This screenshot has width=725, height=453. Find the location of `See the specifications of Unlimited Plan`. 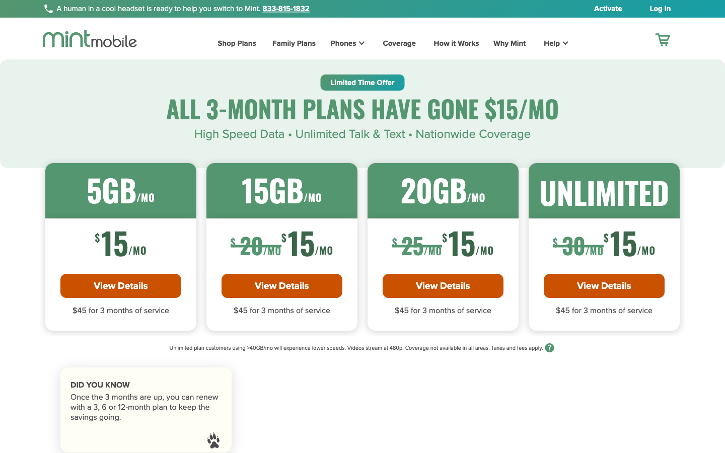

See the specifications of Unlimited Plan is located at coordinates (604, 285).